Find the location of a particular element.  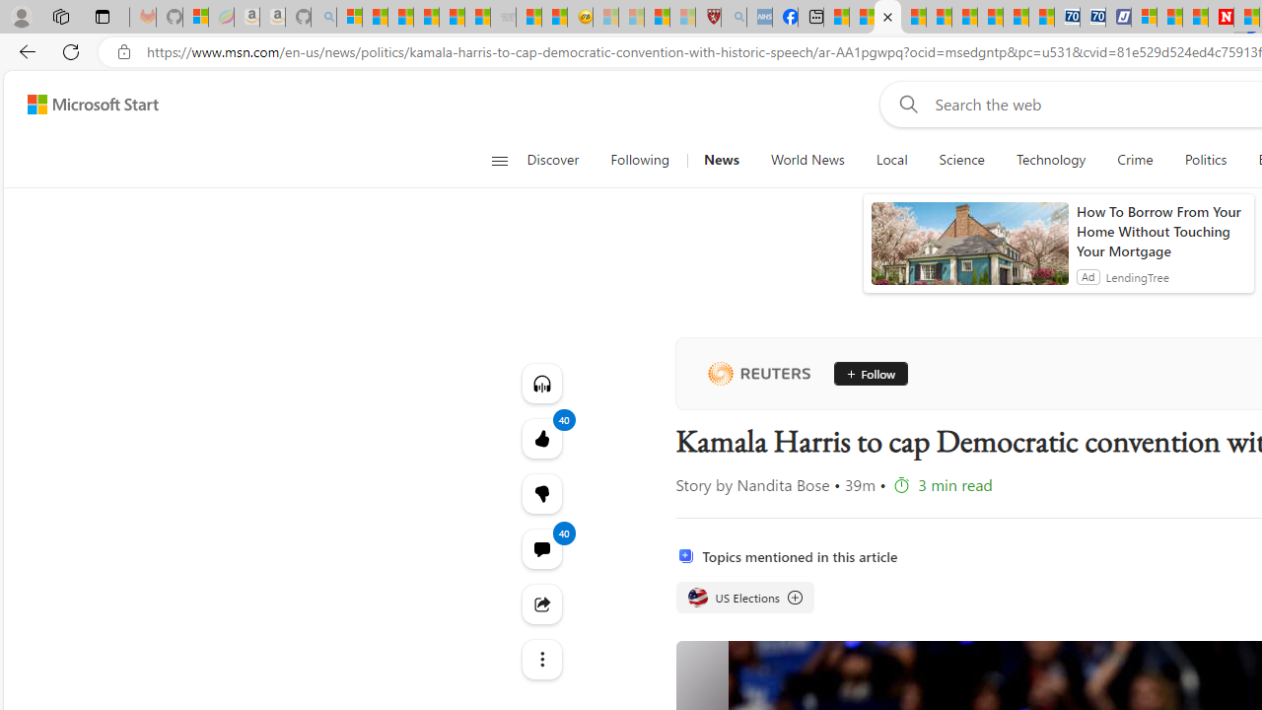

'Technology' is located at coordinates (1049, 160).